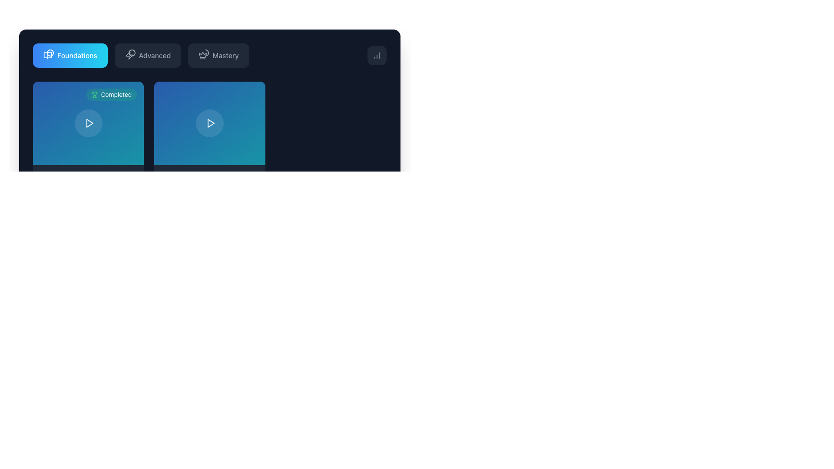 This screenshot has width=834, height=469. Describe the element at coordinates (70, 55) in the screenshot. I see `the 'Foundations' button` at that location.